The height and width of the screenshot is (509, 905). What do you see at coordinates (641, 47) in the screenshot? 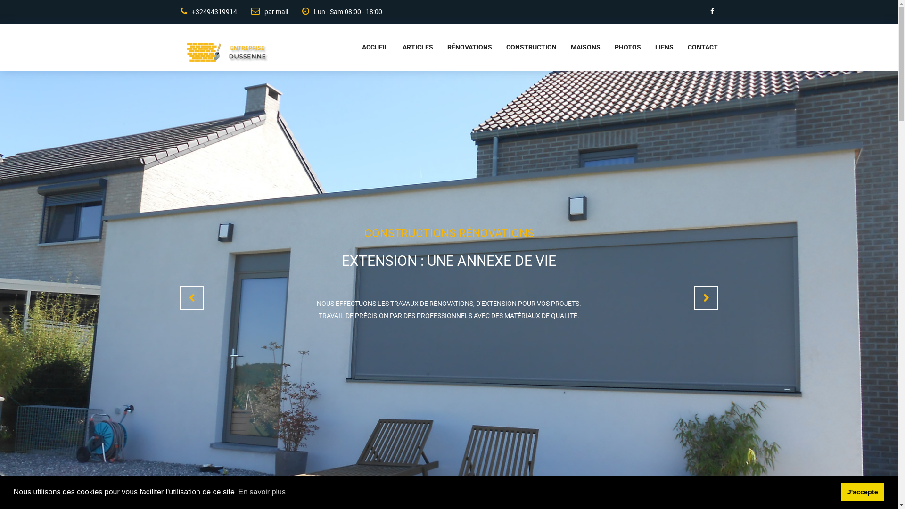
I see `'LIENS'` at bounding box center [641, 47].